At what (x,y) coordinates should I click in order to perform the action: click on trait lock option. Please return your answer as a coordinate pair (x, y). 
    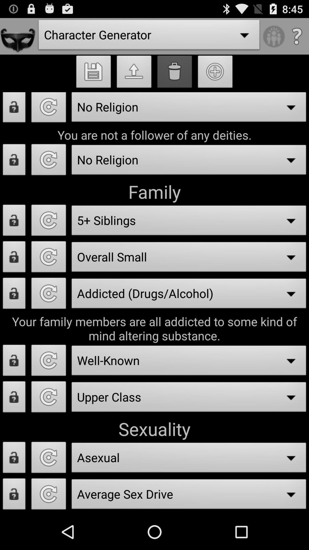
    Looking at the image, I should click on (14, 258).